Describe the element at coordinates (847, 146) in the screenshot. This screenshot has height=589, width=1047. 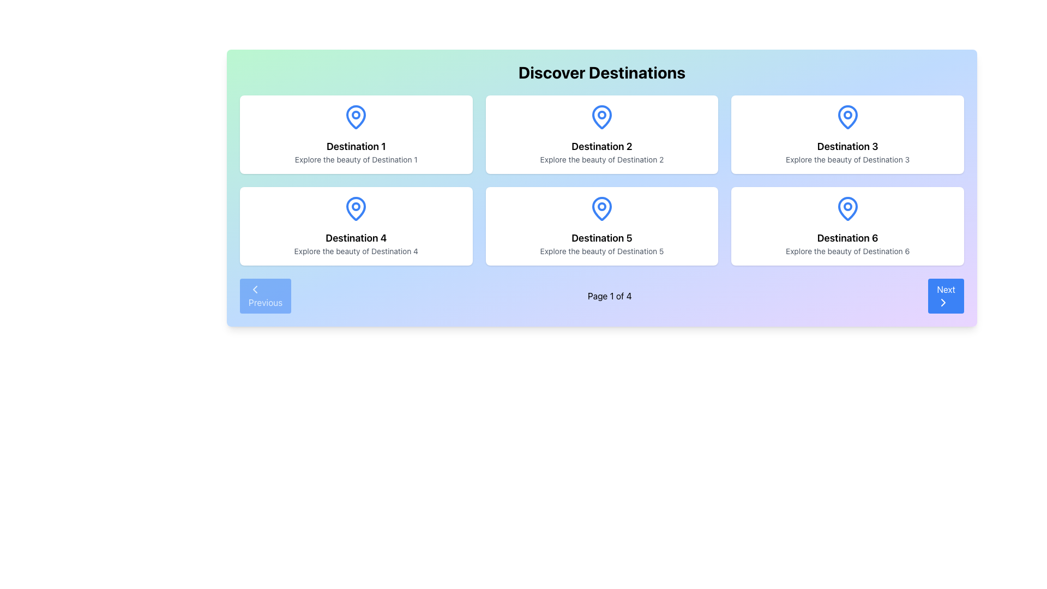
I see `title of the text label that represents the destination's name on the card labeled 'Destination 3', located in the top-right position of a 2x3 grid` at that location.